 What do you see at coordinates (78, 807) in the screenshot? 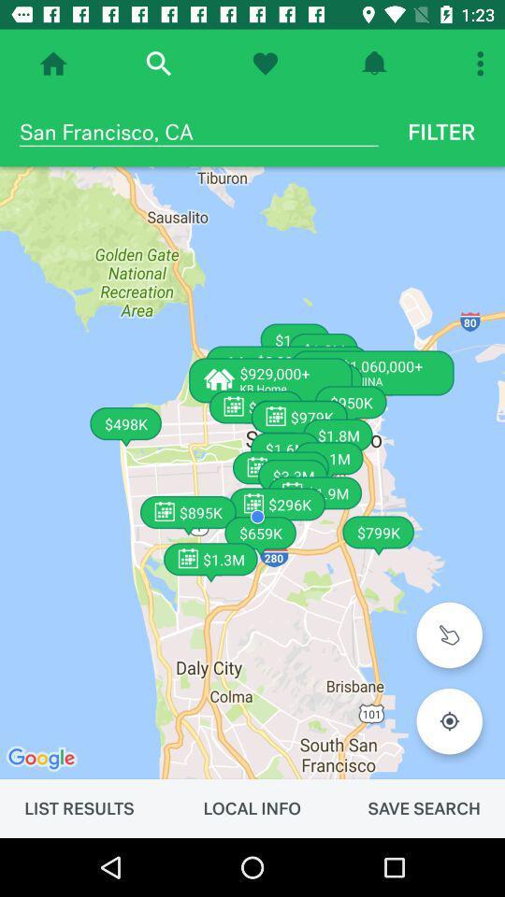
I see `the item next to the local info icon` at bounding box center [78, 807].